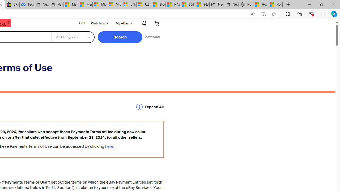  Describe the element at coordinates (123, 23) in the screenshot. I see `'My eBayExpand My eBay'` at that location.